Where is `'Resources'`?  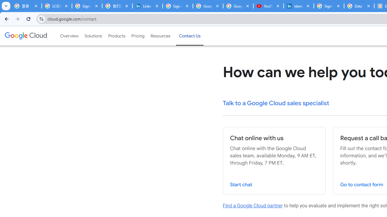 'Resources' is located at coordinates (160, 36).